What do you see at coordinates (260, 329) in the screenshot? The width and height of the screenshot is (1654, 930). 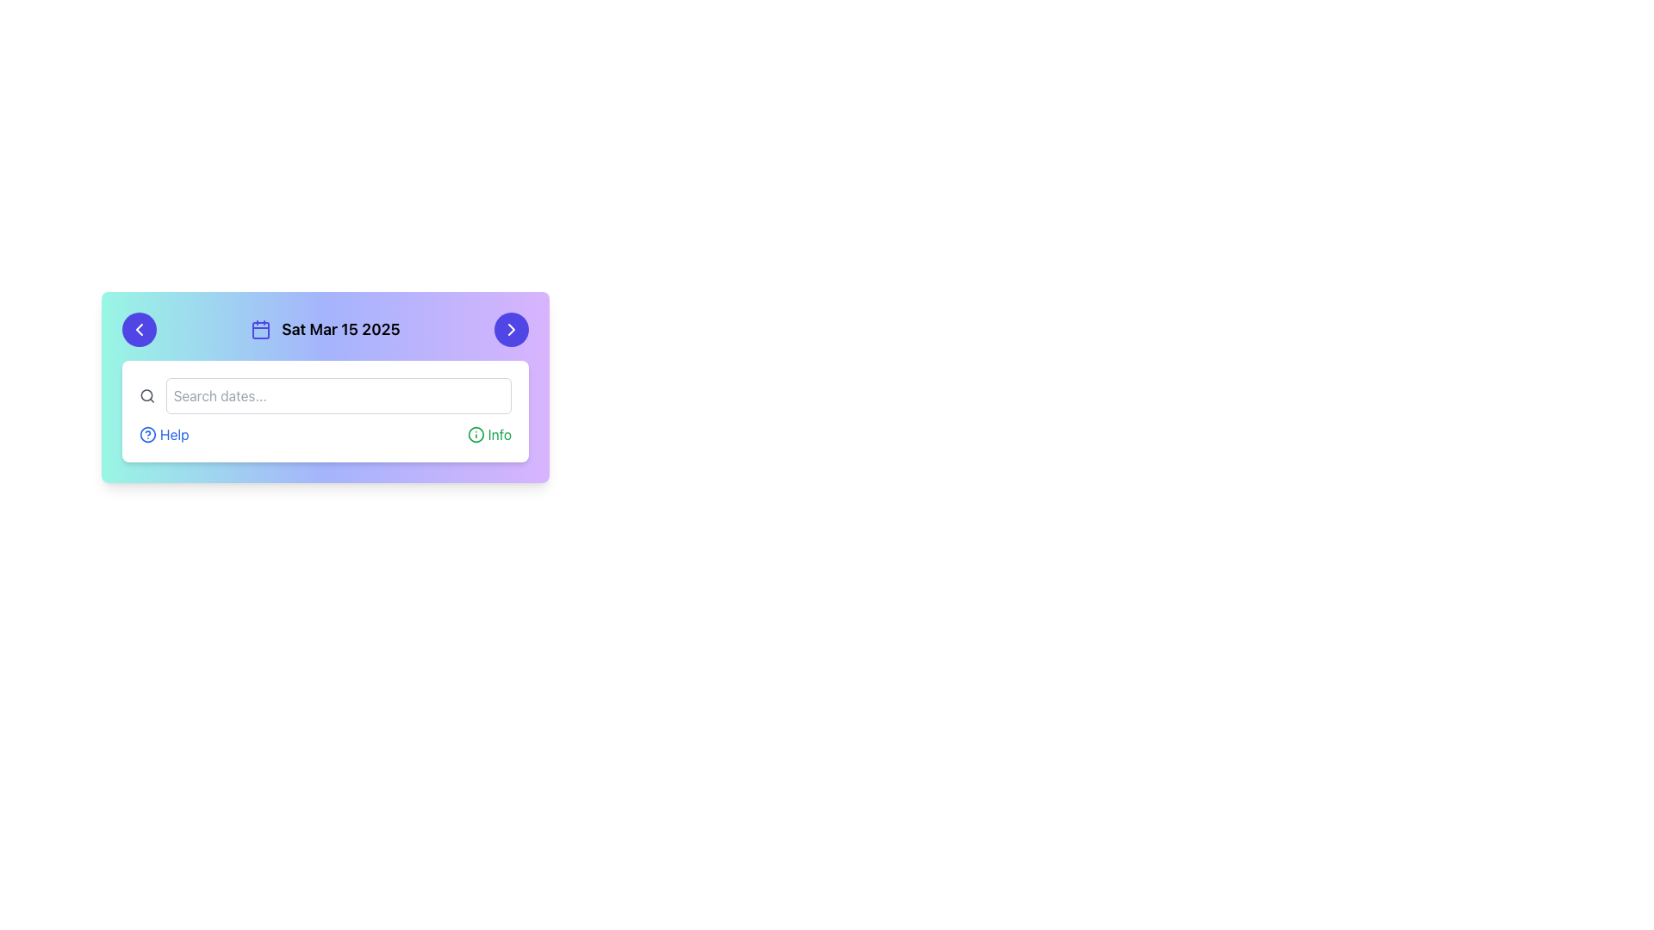 I see `the calendar icon located to the left of the text 'Sat Mar 15 2025' in the upper section of the card` at bounding box center [260, 329].